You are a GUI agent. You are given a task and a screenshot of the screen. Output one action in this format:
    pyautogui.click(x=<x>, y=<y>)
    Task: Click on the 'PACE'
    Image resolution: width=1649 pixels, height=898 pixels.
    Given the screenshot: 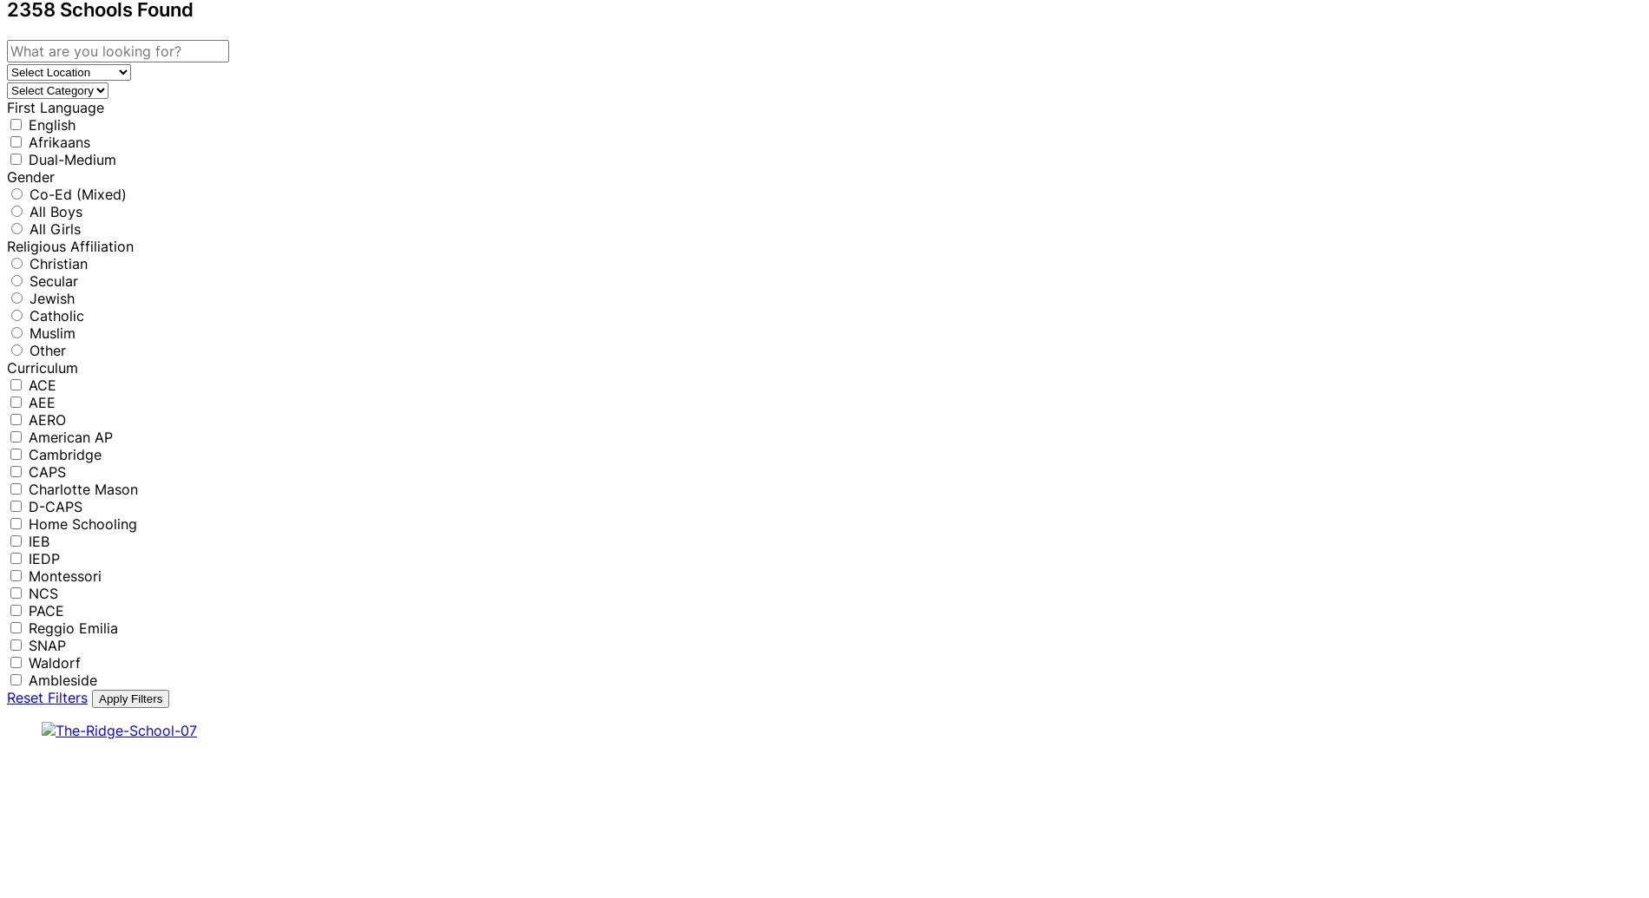 What is the action you would take?
    pyautogui.click(x=46, y=608)
    